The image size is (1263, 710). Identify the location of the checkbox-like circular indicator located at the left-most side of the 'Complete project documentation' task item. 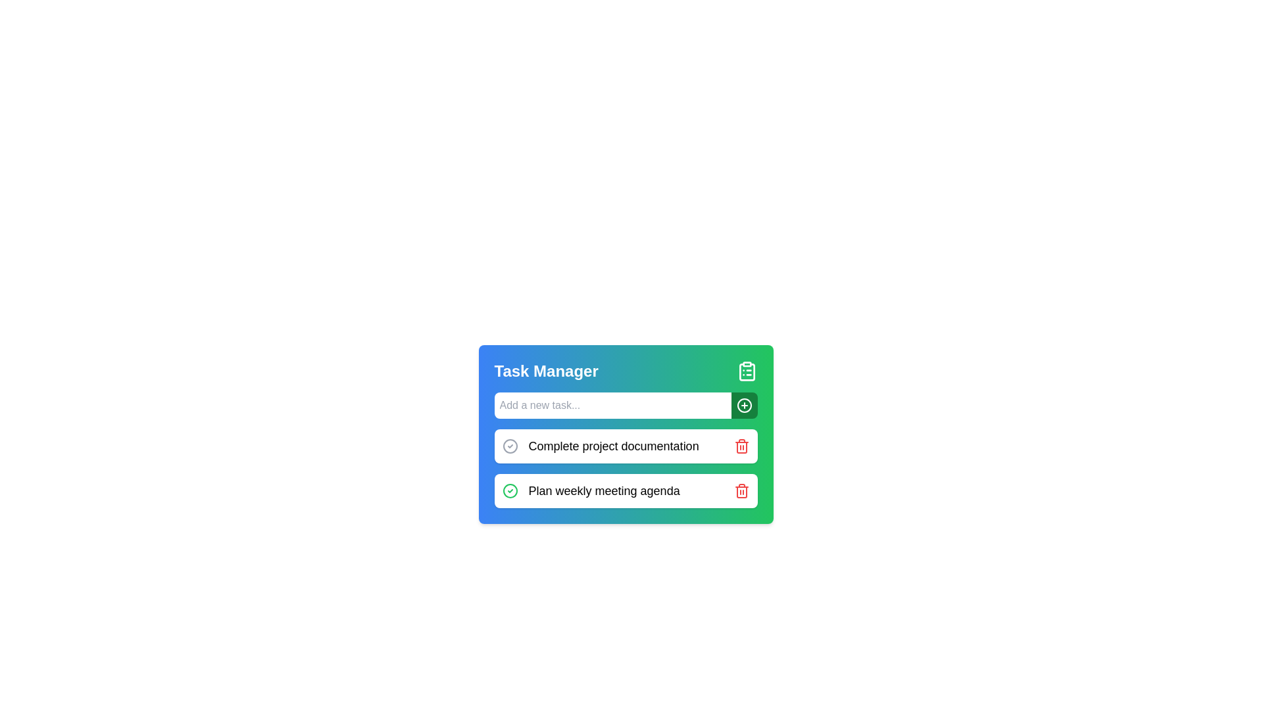
(509, 445).